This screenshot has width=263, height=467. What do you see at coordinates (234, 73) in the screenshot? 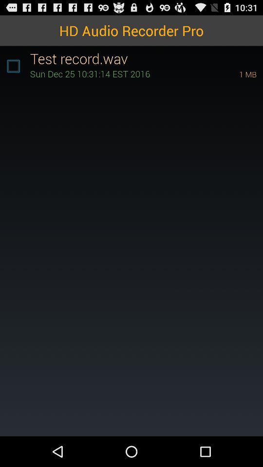
I see `1 mb icon` at bounding box center [234, 73].